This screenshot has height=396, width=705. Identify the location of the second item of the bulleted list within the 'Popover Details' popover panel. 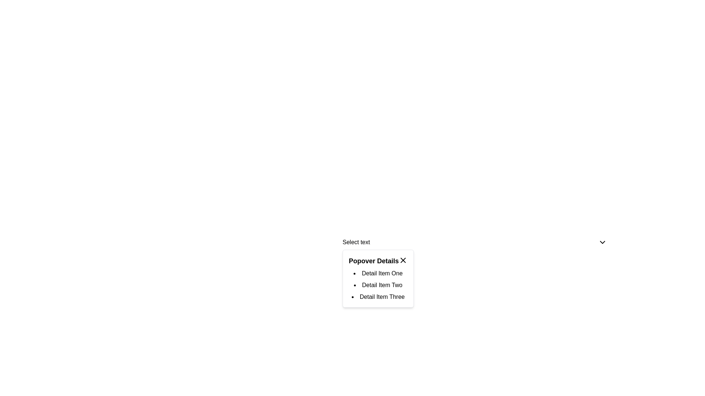
(378, 285).